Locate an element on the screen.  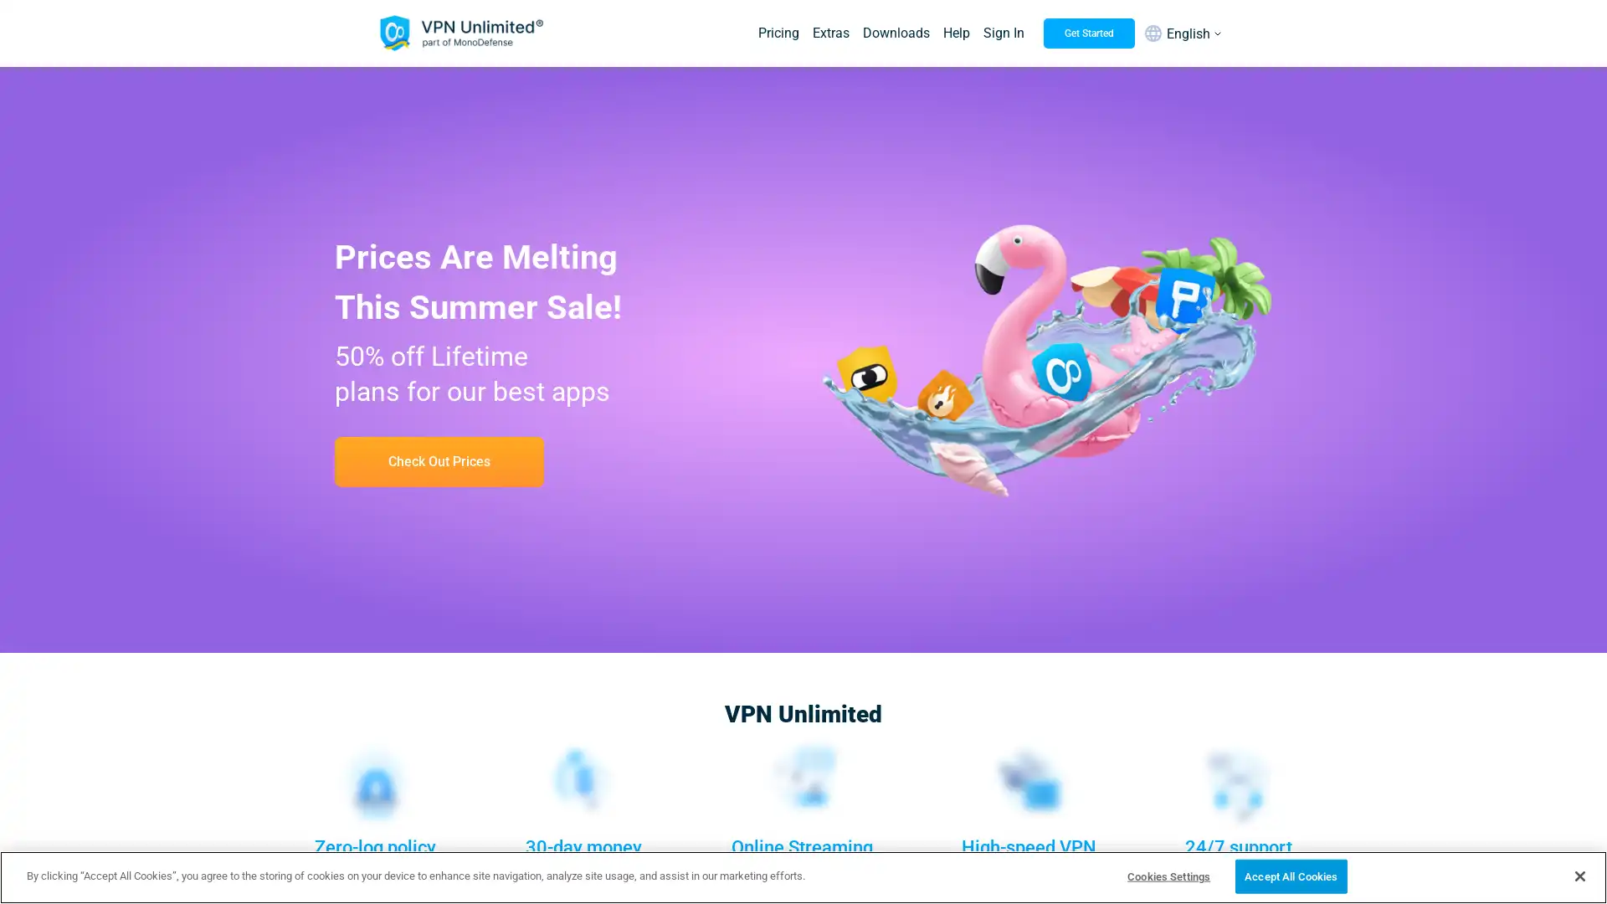
Close is located at coordinates (1579, 874).